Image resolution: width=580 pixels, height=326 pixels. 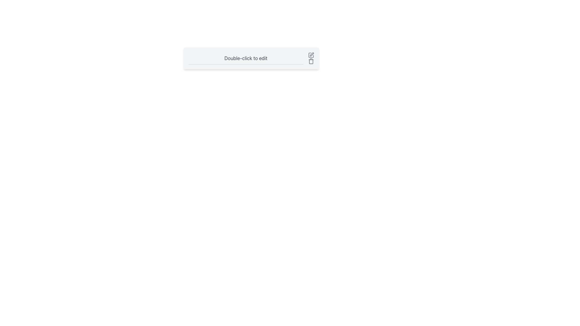 I want to click on the informational text element that displays 'Double-click to edit', which is centrally aligned and has a light grey background, to observe the potential cursor change, so click(x=251, y=58).